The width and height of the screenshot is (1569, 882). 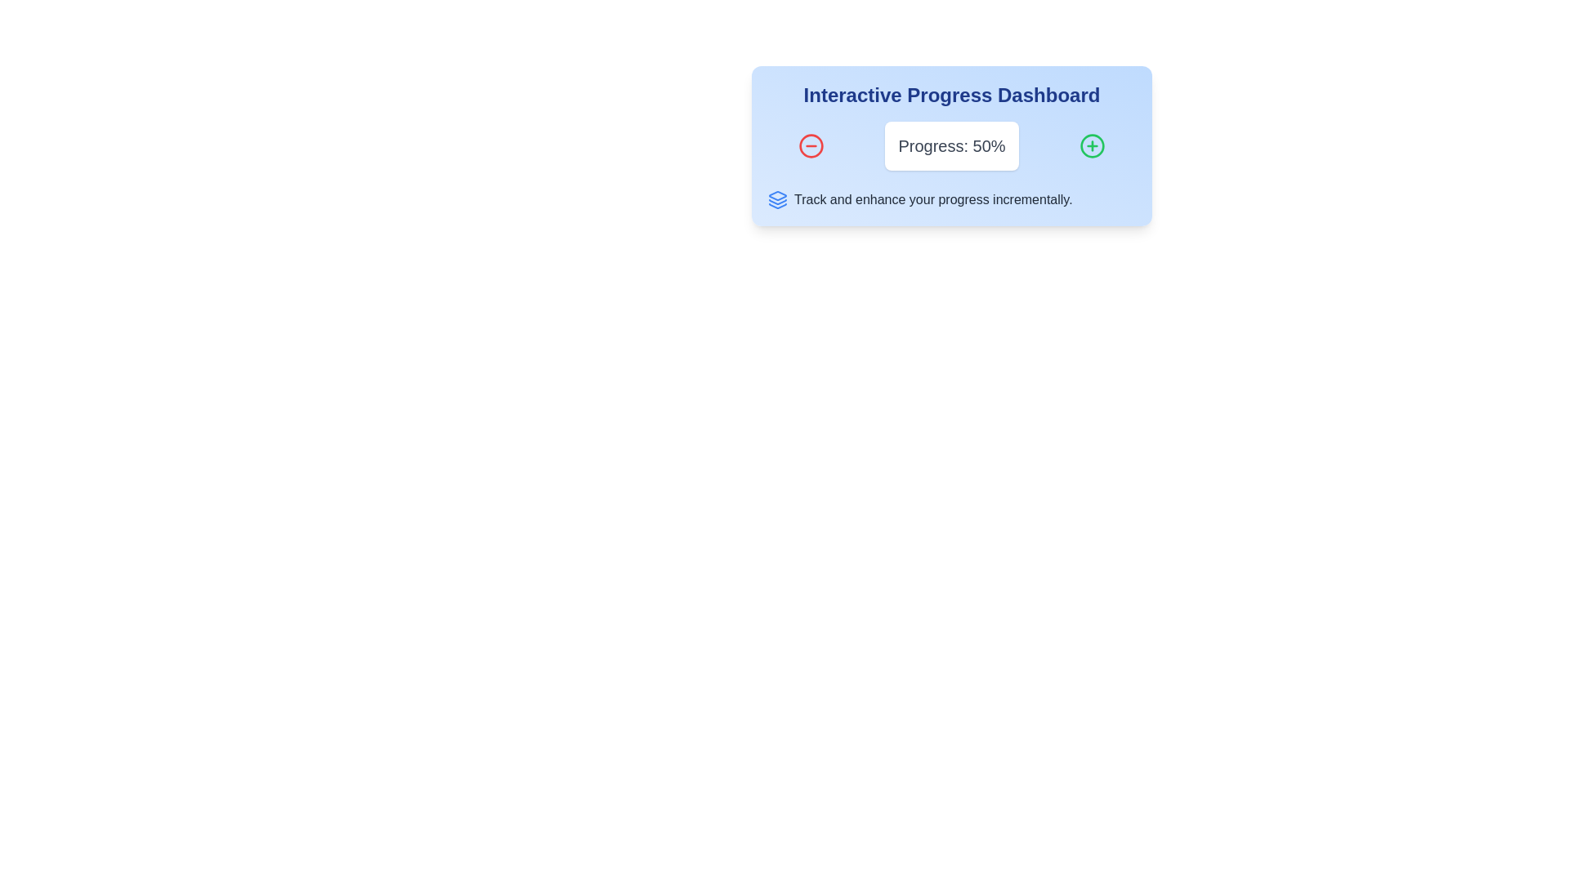 I want to click on the static informational box displaying the progress percentage ('50%') located in the blue rectangular dashboard between the red minus and green plus icons, so click(x=952, y=145).